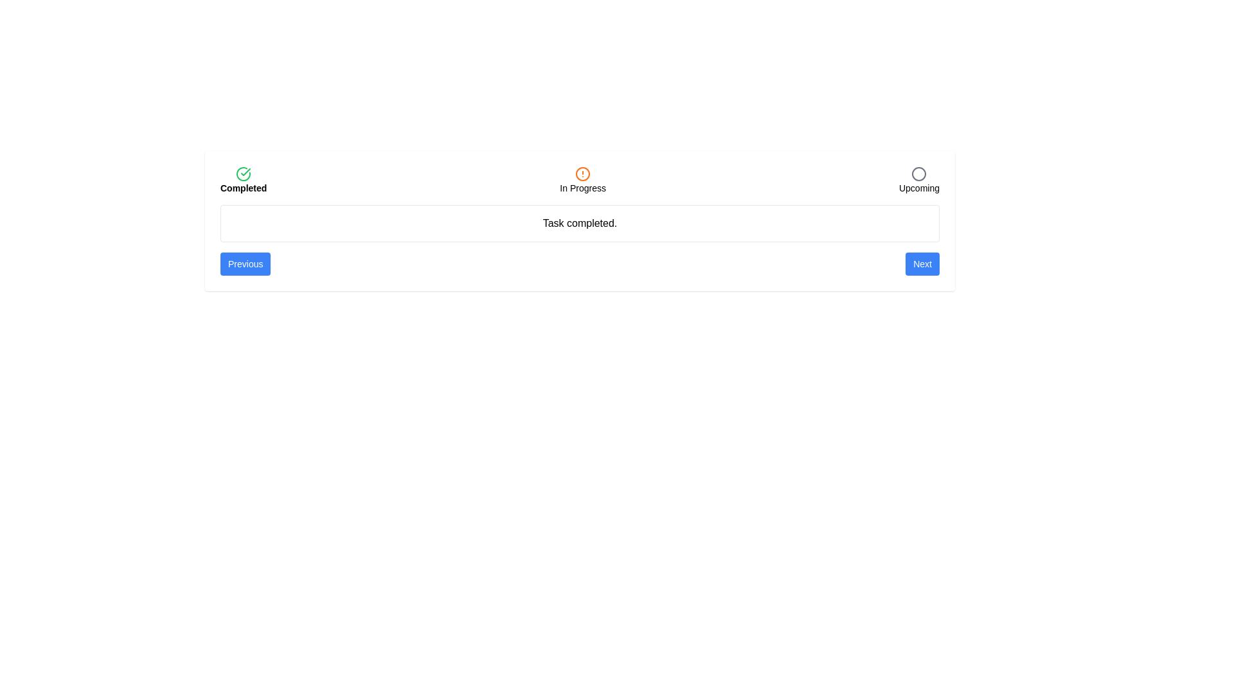 This screenshot has height=694, width=1234. What do you see at coordinates (579, 181) in the screenshot?
I see `a status segment of the Status indicator bar located above the text label 'Task completed.'` at bounding box center [579, 181].